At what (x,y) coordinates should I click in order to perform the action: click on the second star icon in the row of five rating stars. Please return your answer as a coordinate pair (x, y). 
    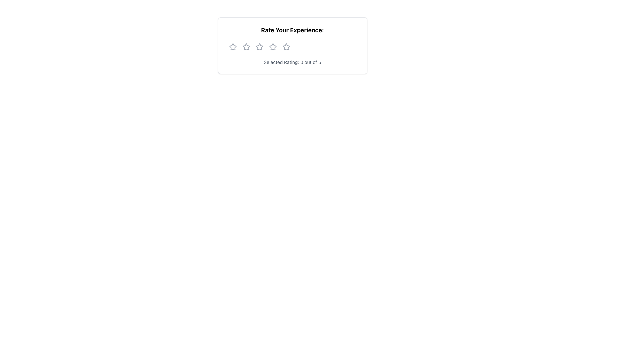
    Looking at the image, I should click on (246, 47).